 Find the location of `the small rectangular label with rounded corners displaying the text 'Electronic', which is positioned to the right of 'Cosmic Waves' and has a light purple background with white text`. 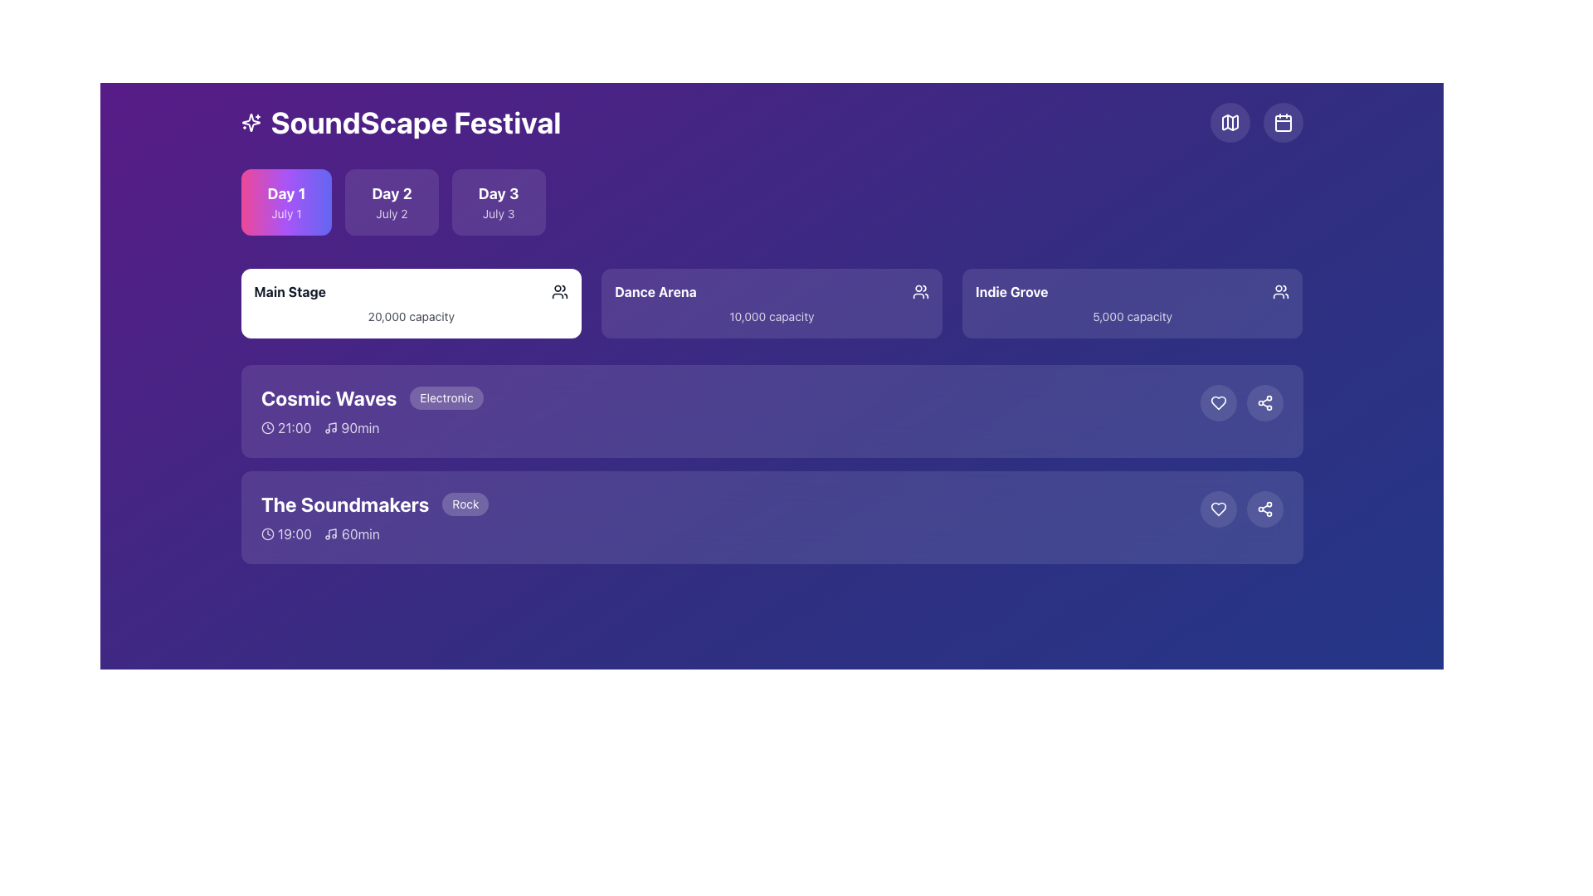

the small rectangular label with rounded corners displaying the text 'Electronic', which is positioned to the right of 'Cosmic Waves' and has a light purple background with white text is located at coordinates (446, 397).